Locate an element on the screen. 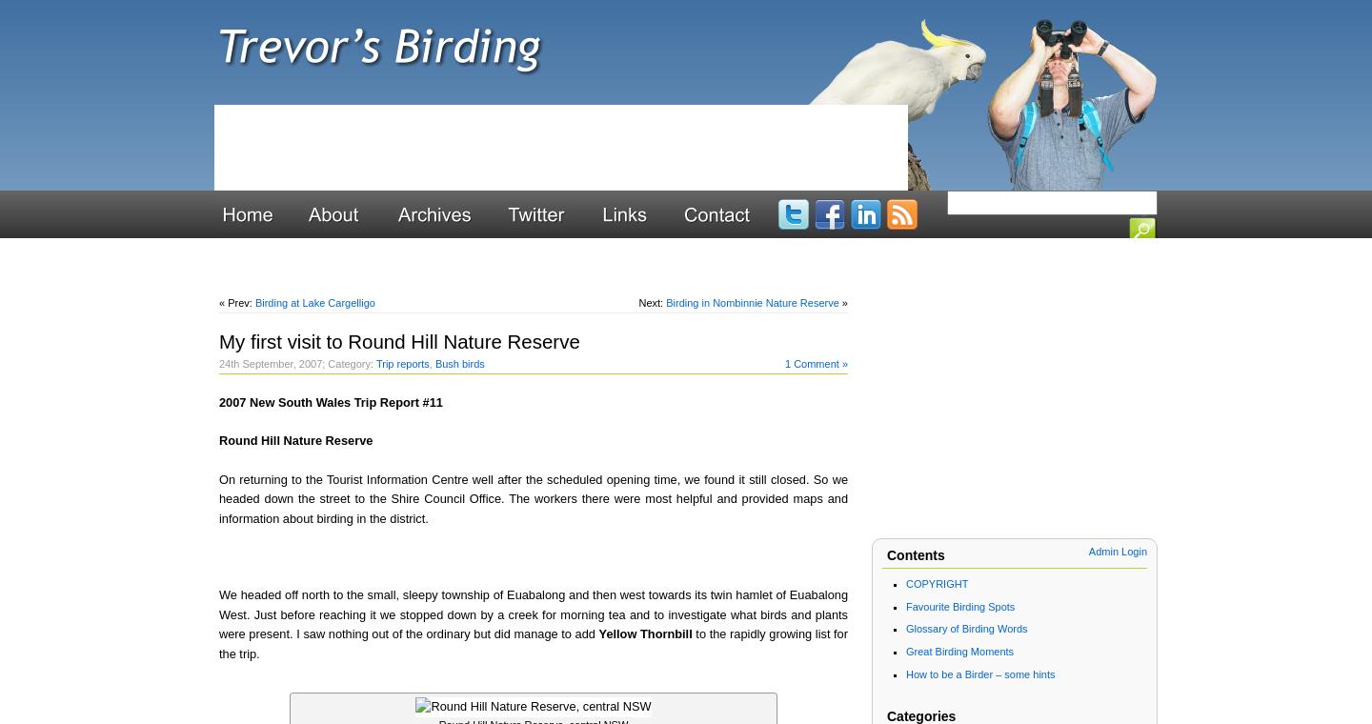  'Glossary of Birding Words' is located at coordinates (965, 627).